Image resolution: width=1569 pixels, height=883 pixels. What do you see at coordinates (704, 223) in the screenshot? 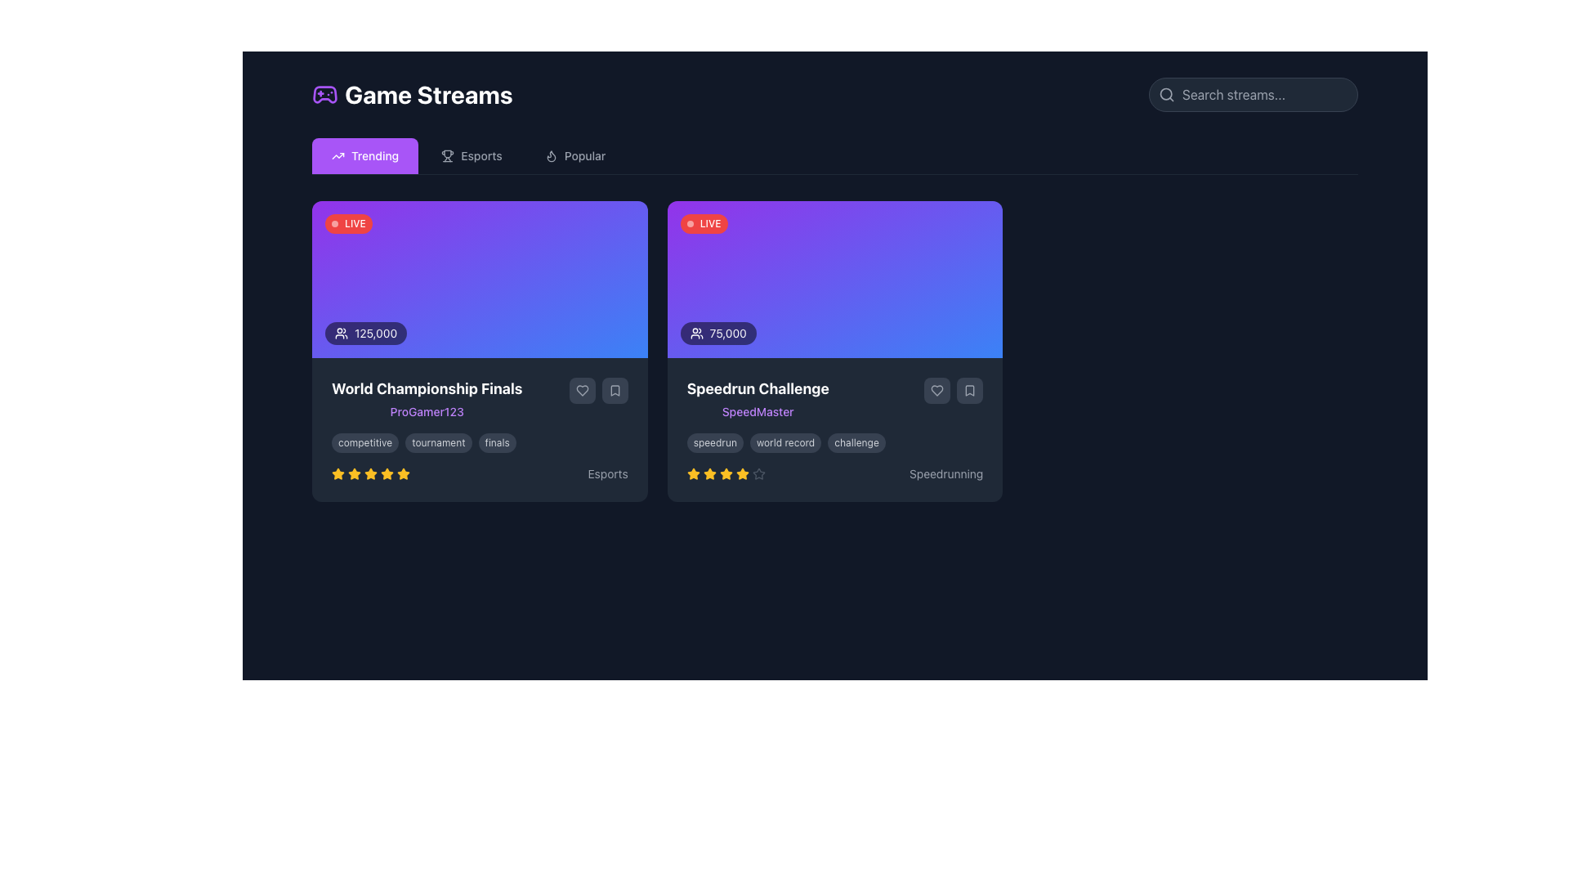
I see `the live streaming badge located in the top-left corner of the 'Speedrun Challenge' card` at bounding box center [704, 223].